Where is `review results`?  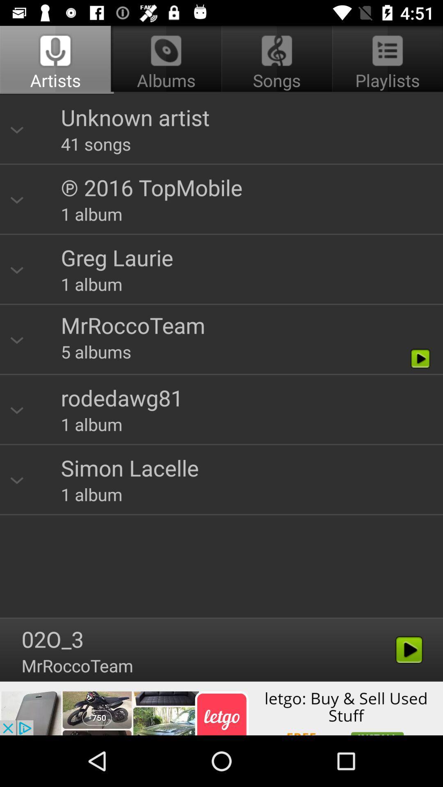
review results is located at coordinates (221, 353).